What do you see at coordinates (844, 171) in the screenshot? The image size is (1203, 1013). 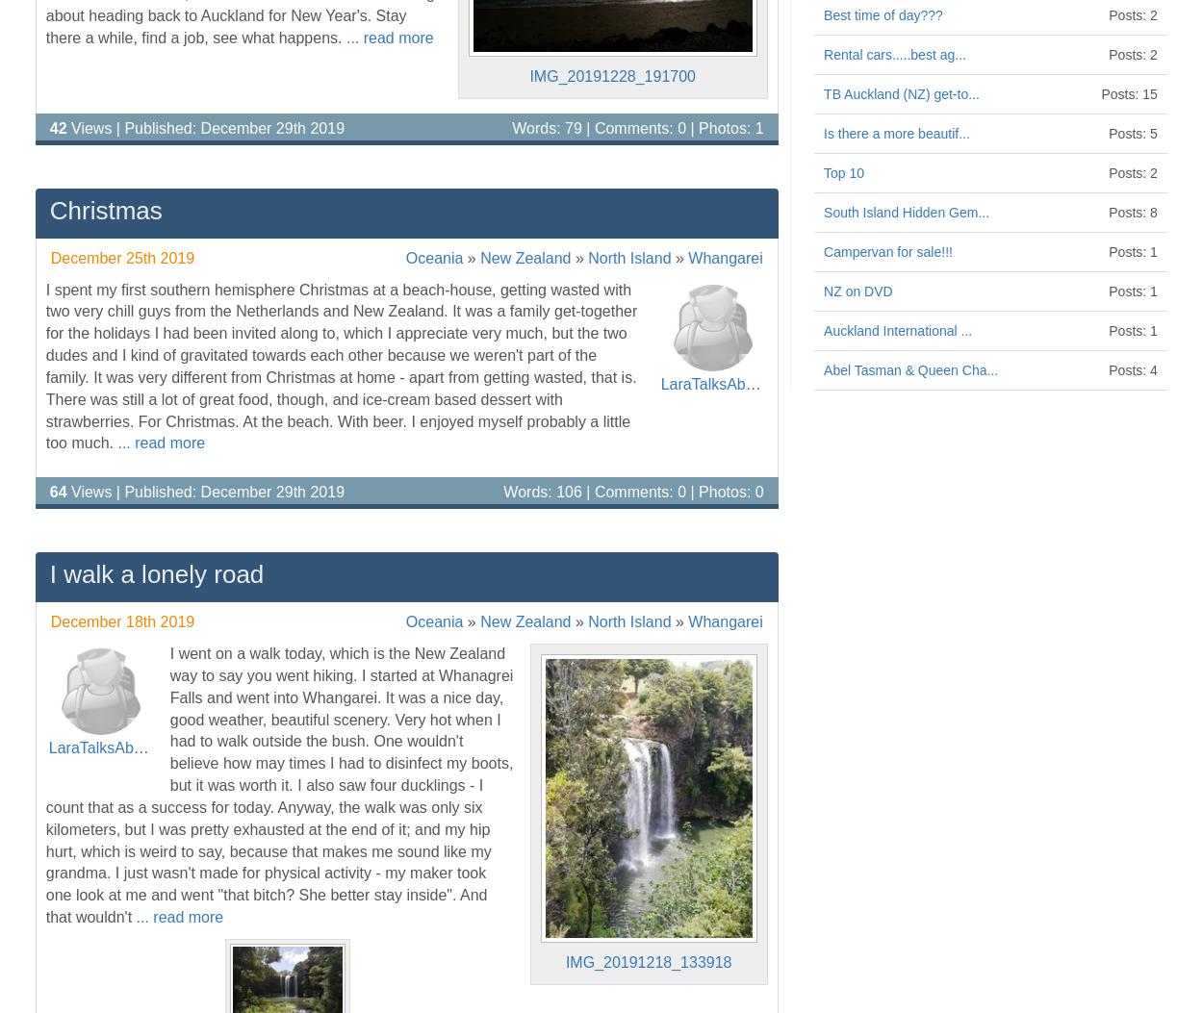 I see `'Top 10'` at bounding box center [844, 171].